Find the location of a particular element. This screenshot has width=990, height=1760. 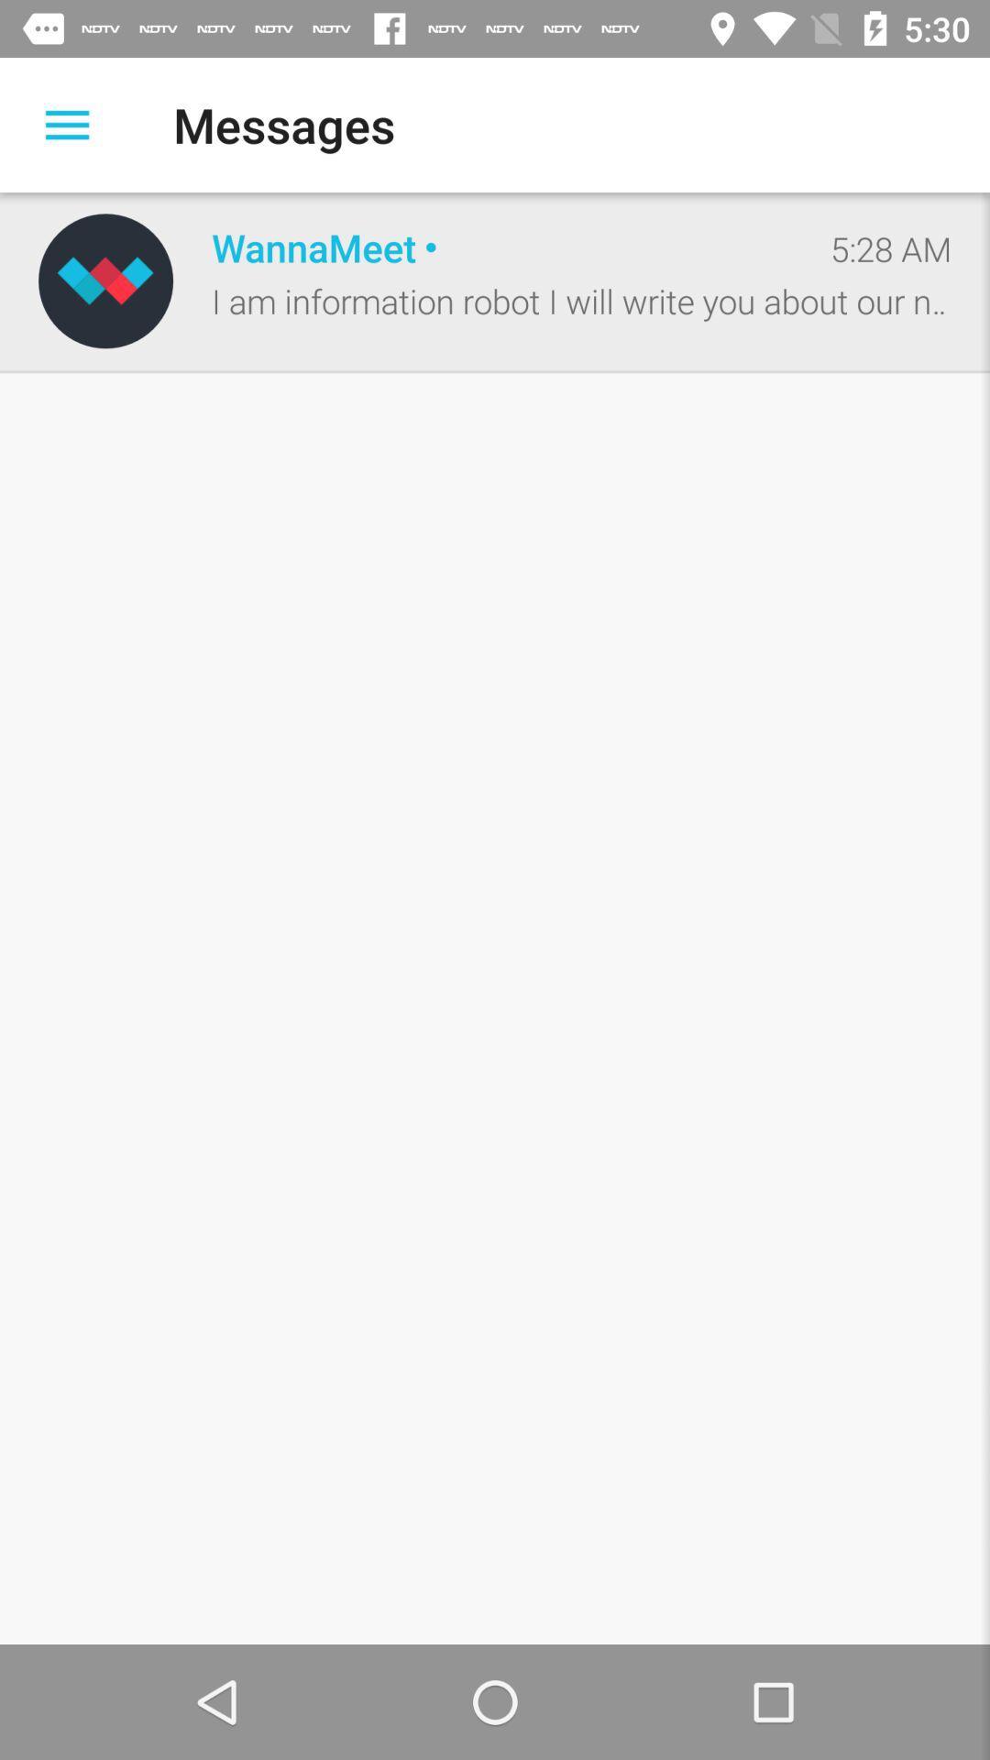

open the options menu is located at coordinates (66, 124).